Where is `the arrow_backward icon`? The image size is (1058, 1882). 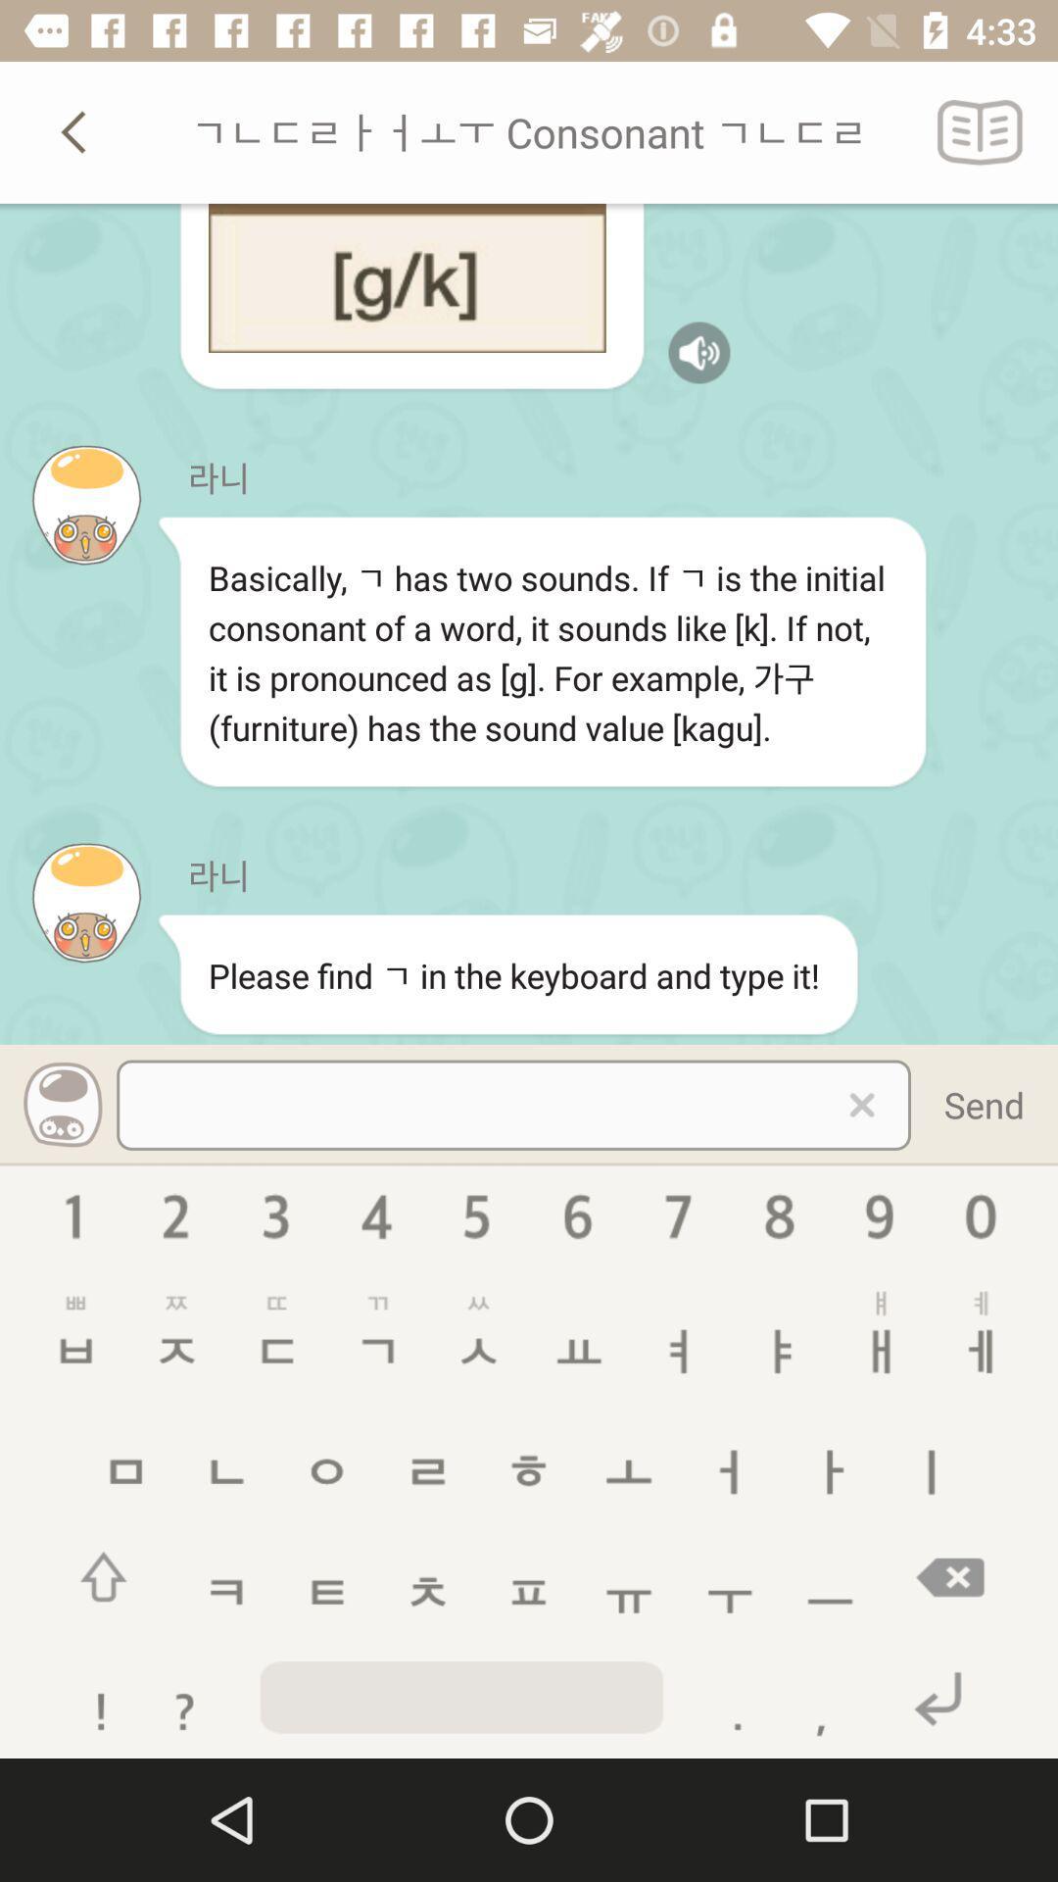 the arrow_backward icon is located at coordinates (75, 130).